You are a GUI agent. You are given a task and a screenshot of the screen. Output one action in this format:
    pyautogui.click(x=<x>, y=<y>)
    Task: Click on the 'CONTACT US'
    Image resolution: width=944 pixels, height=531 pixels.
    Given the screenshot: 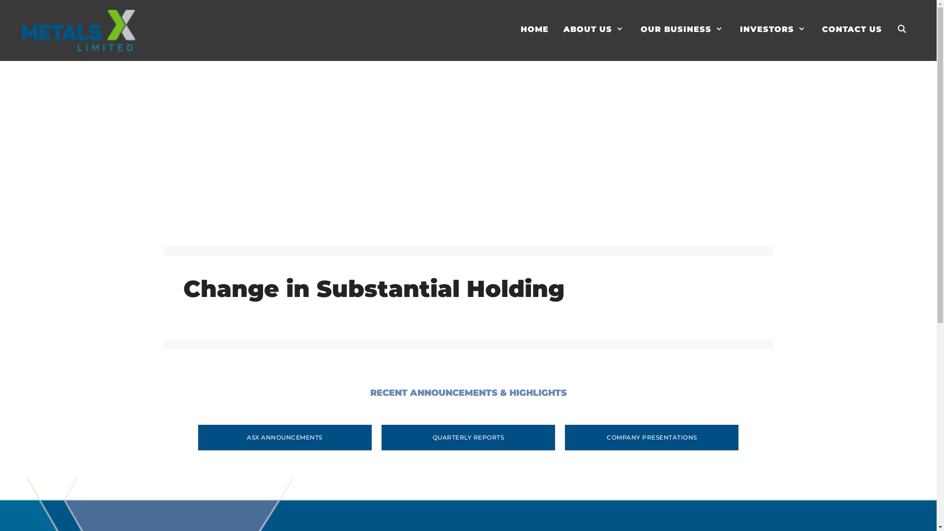 What is the action you would take?
    pyautogui.click(x=851, y=29)
    